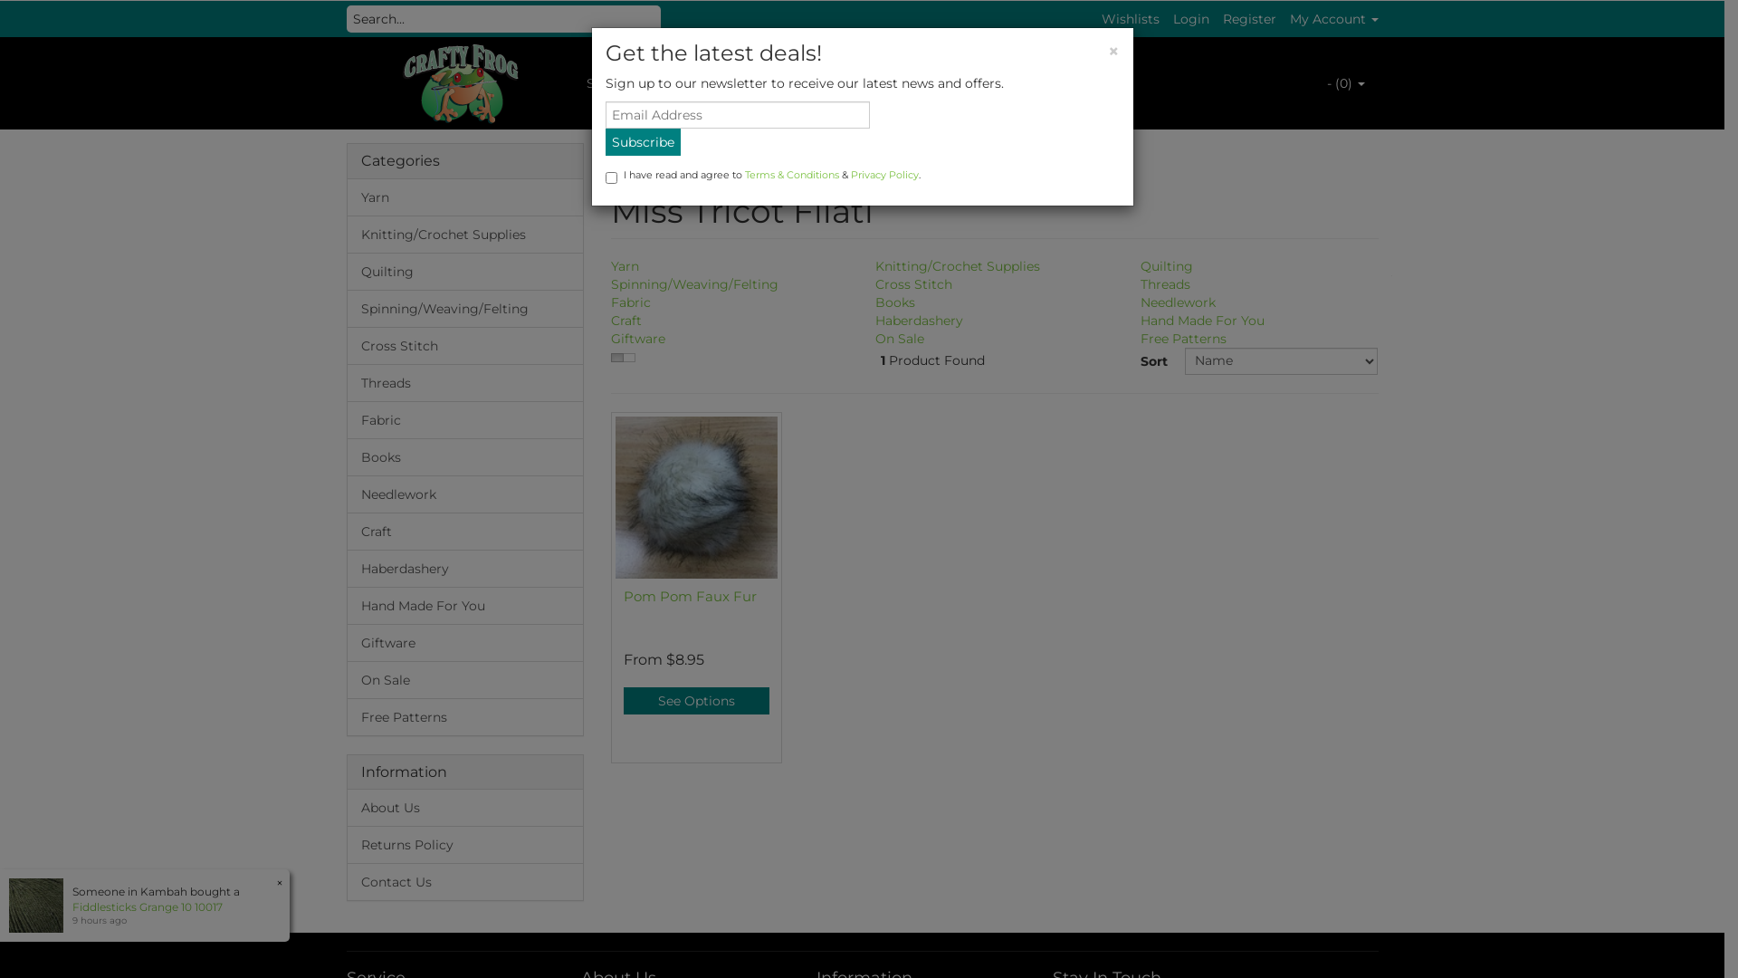 The width and height of the screenshot is (1738, 978). Describe the element at coordinates (695, 700) in the screenshot. I see `'See Options'` at that location.